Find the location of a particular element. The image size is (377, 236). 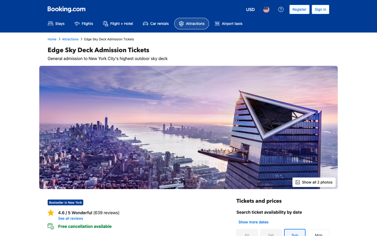

the full Reviews section is located at coordinates (143, 218).